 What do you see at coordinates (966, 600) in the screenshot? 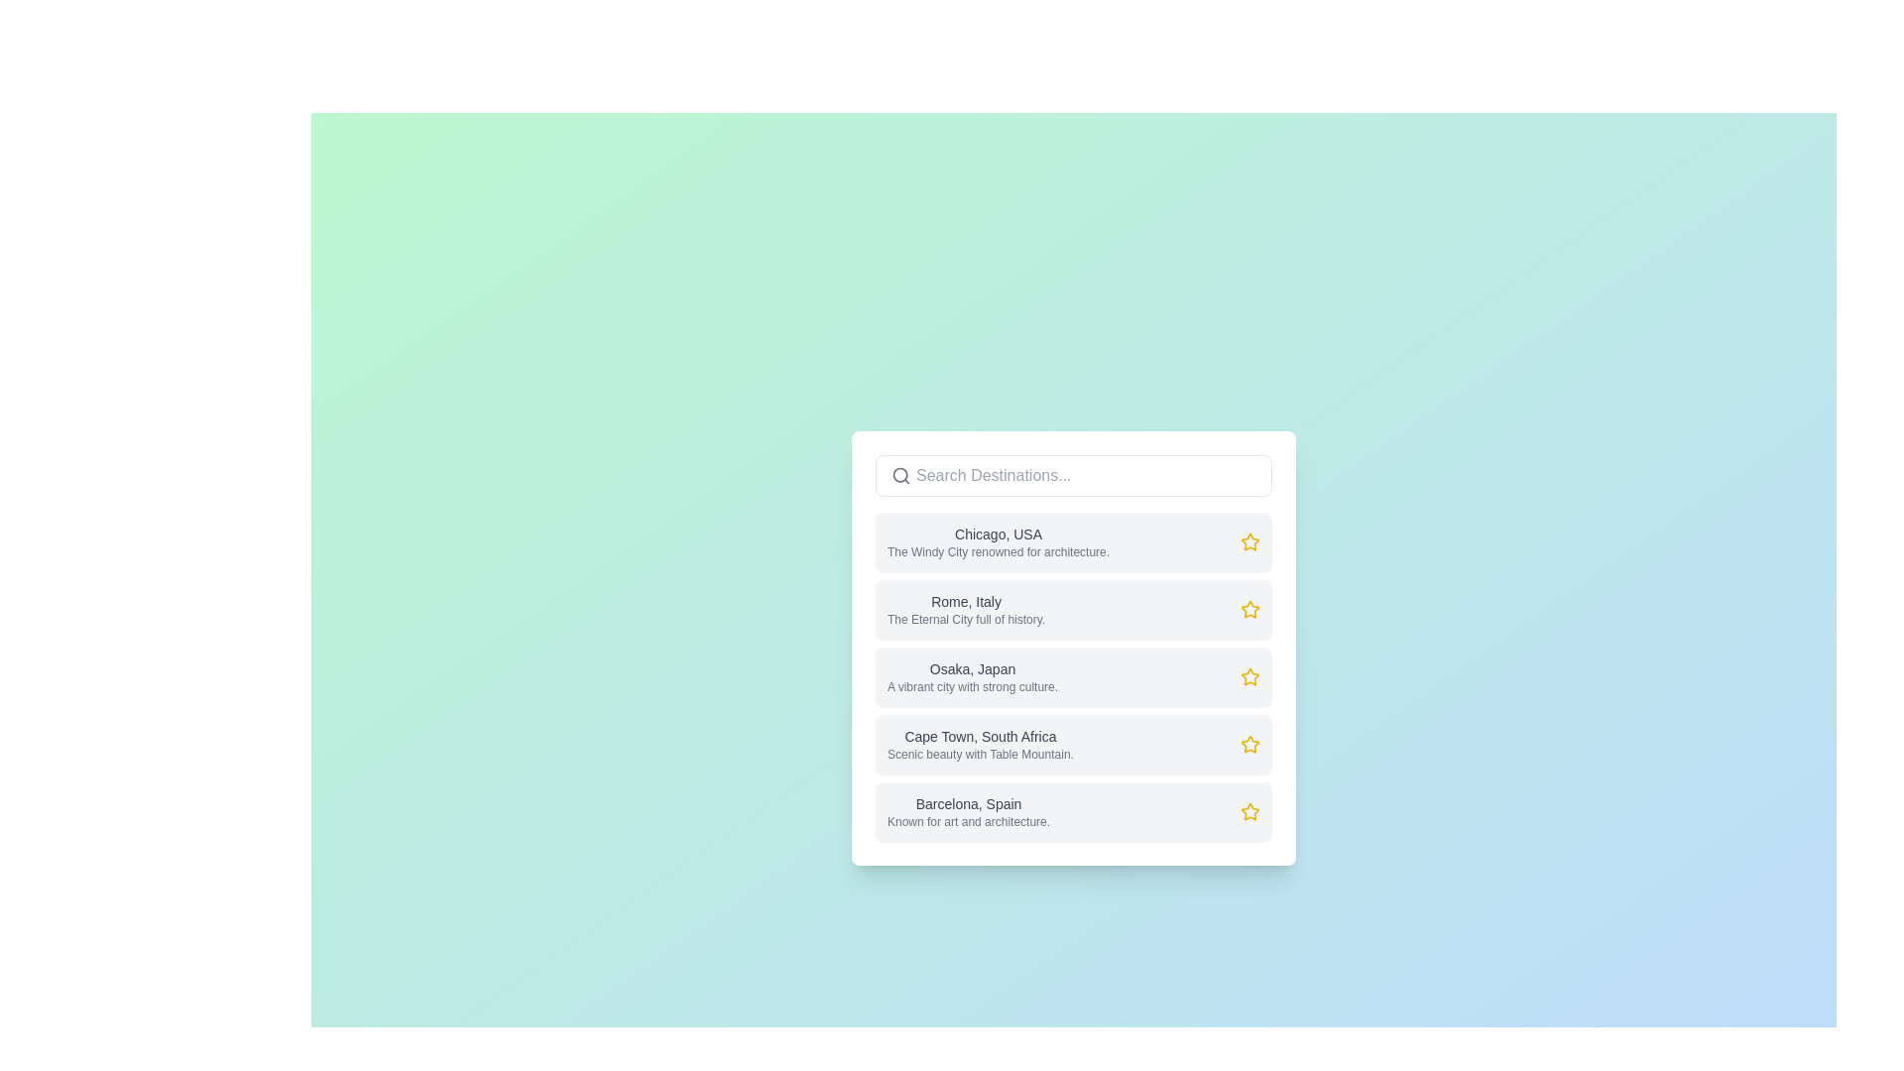
I see `text content of the destination title label located beneath 'Chicago, USA' and above 'Osaka, Japan' in the destination list` at bounding box center [966, 600].